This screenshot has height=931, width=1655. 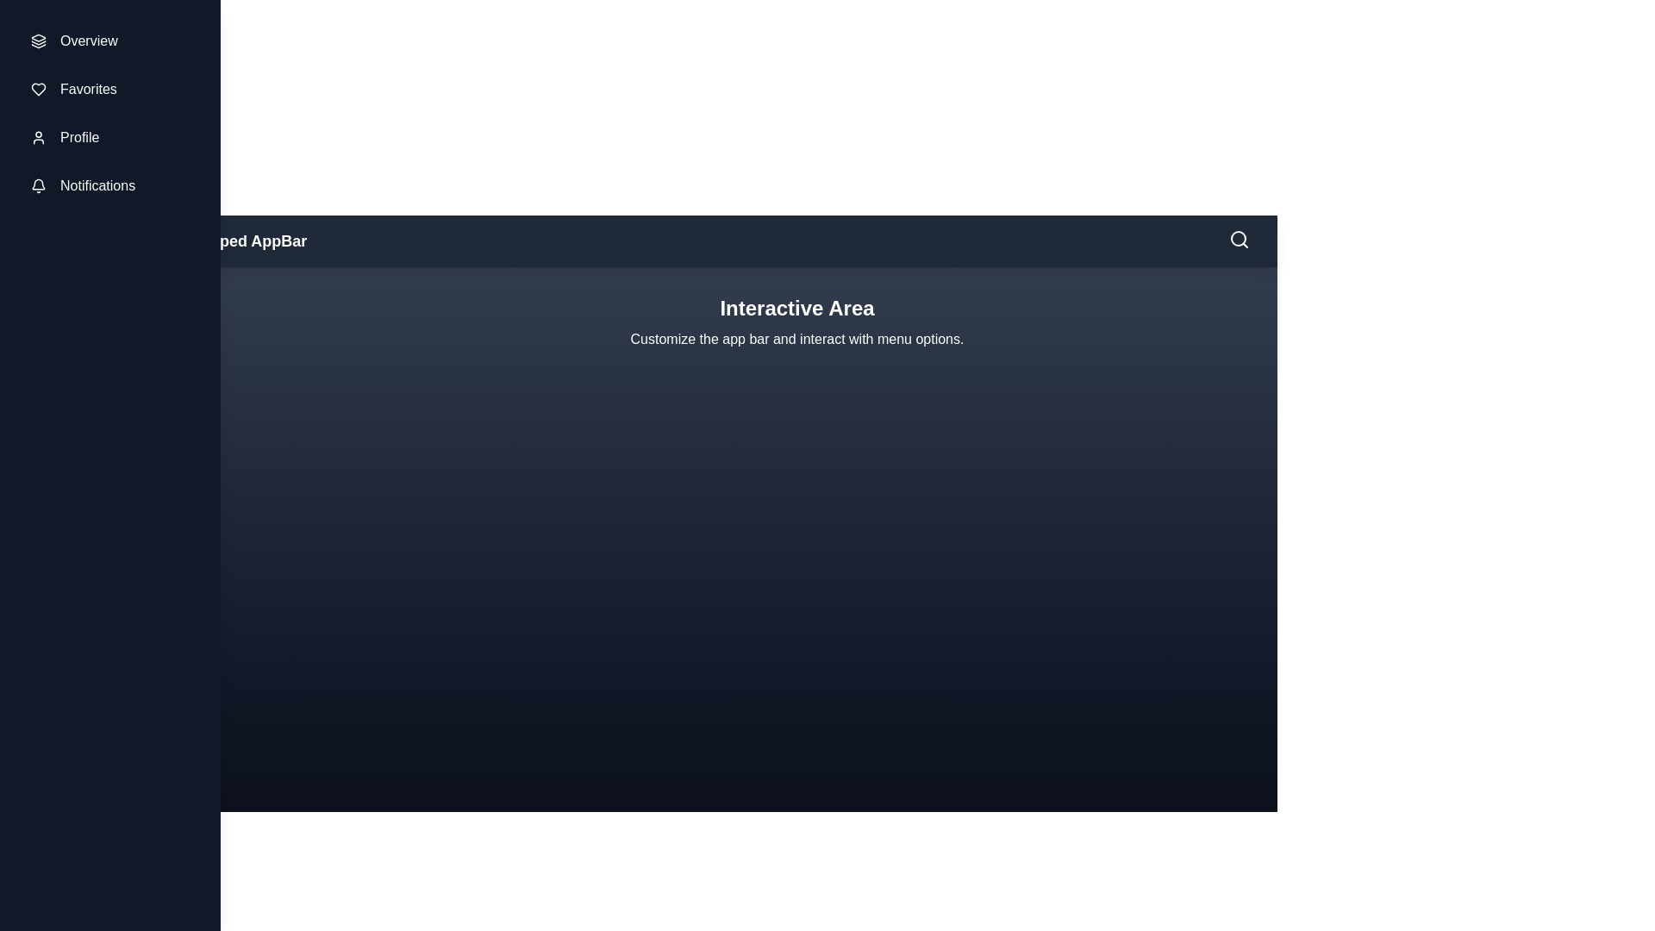 I want to click on the menu item Notifications in the sidebar, so click(x=109, y=186).